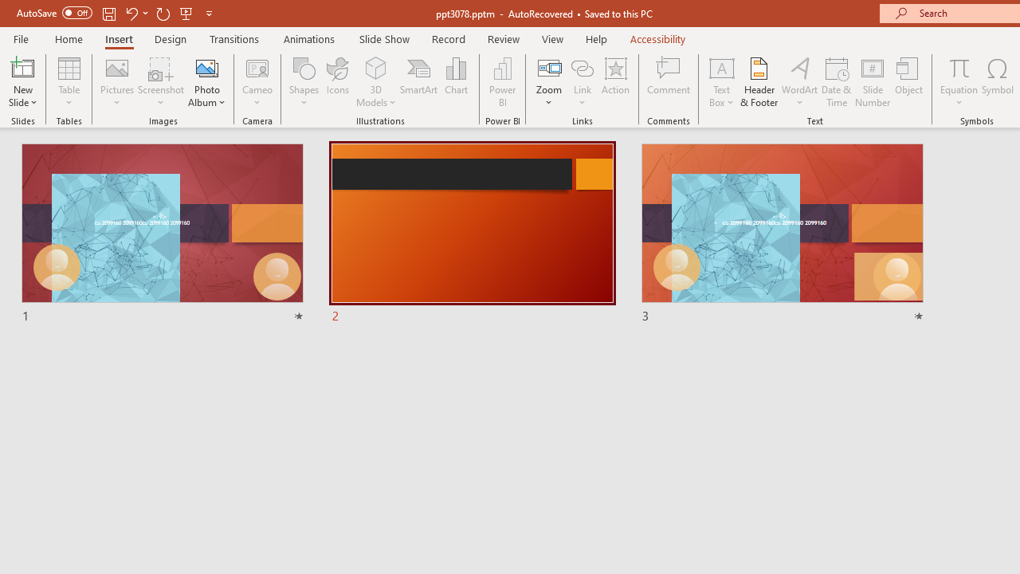 This screenshot has height=574, width=1020. I want to click on 'Slide Show', so click(383, 38).